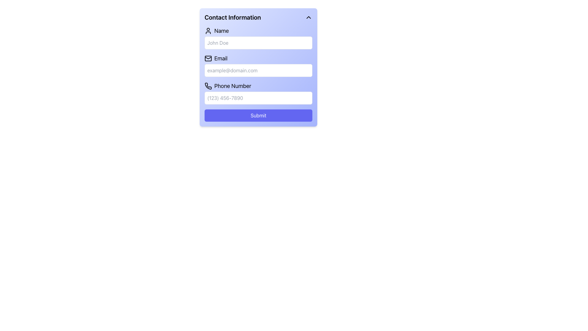 The height and width of the screenshot is (331, 588). I want to click on the 'Name' input field, so click(258, 38).